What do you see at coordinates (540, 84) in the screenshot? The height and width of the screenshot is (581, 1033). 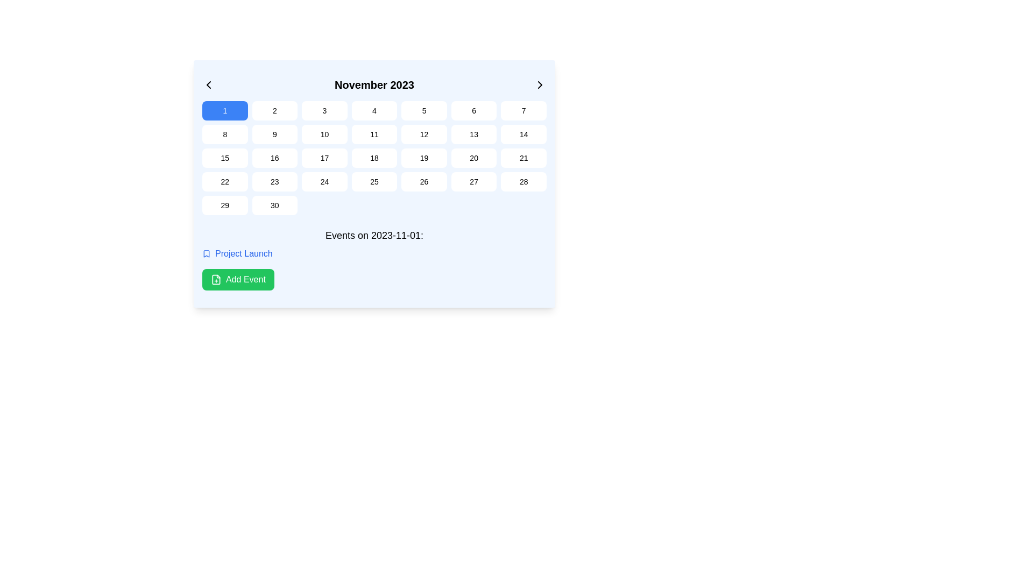 I see `the navigation button located at the far right of the header row displaying 'November 2023' to advance the calendar to the next month` at bounding box center [540, 84].